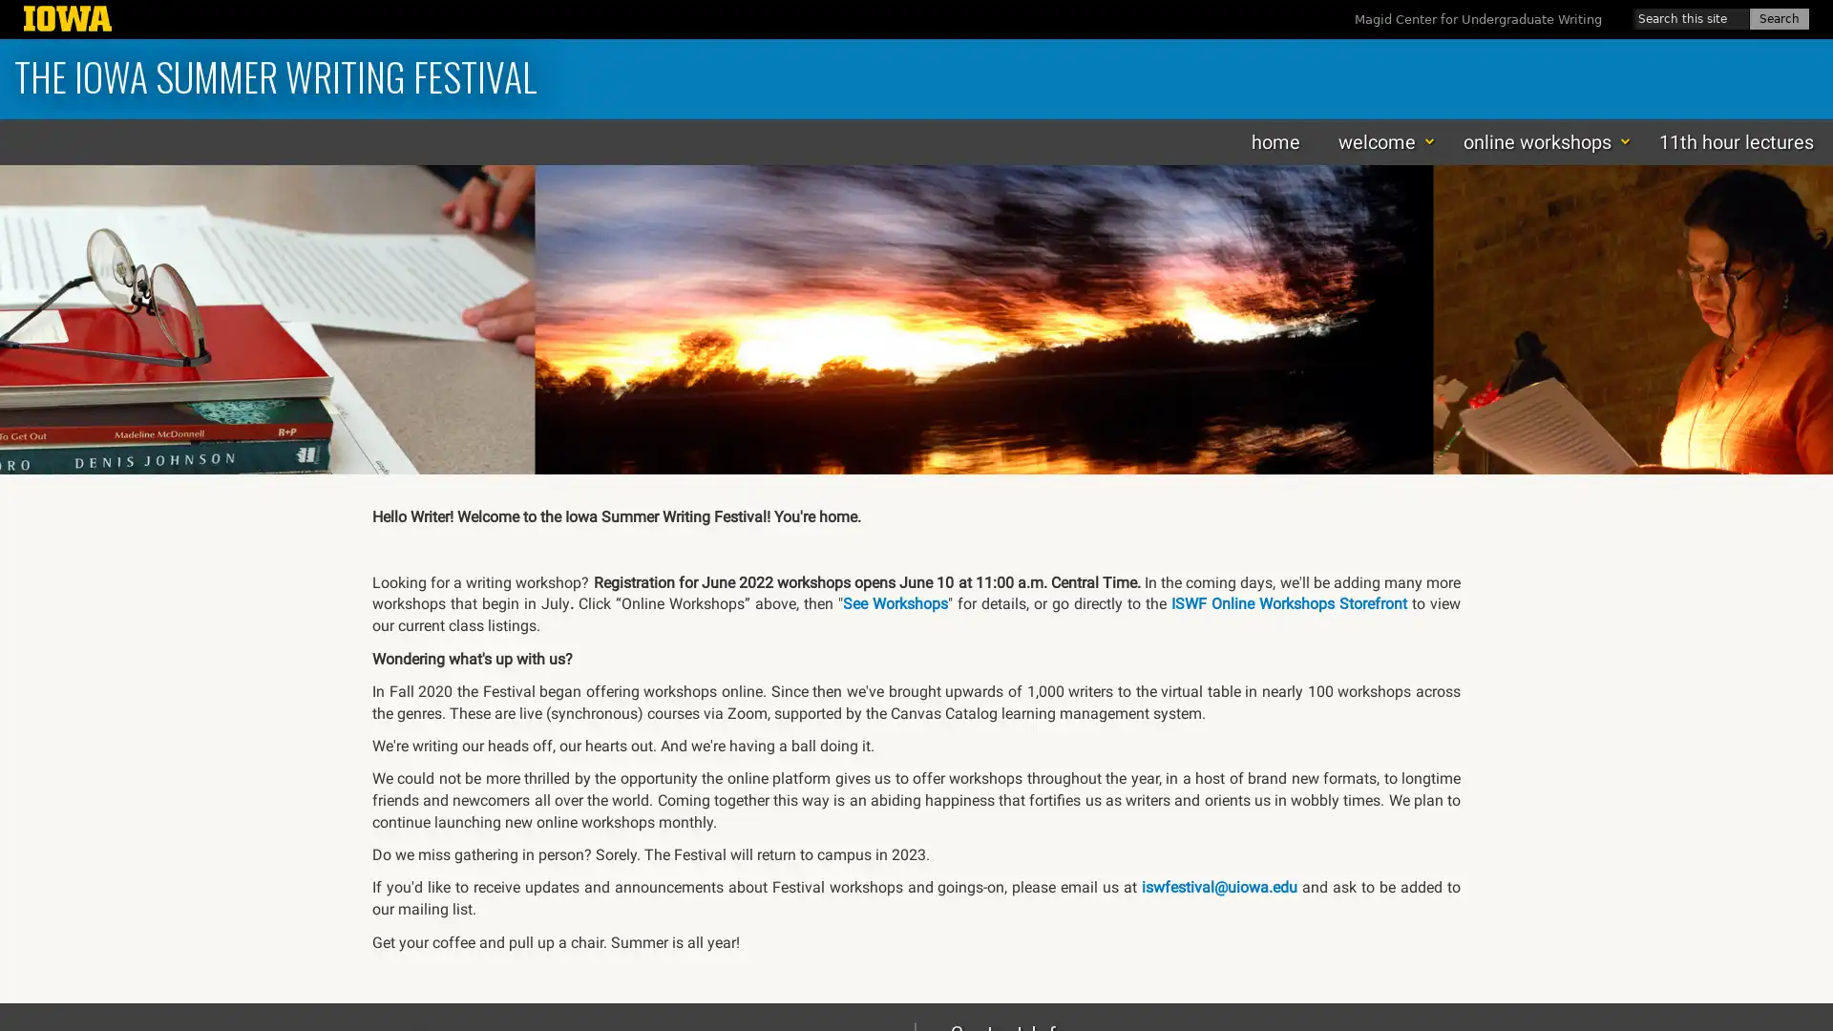 This screenshot has width=1833, height=1031. What do you see at coordinates (1778, 18) in the screenshot?
I see `Search` at bounding box center [1778, 18].